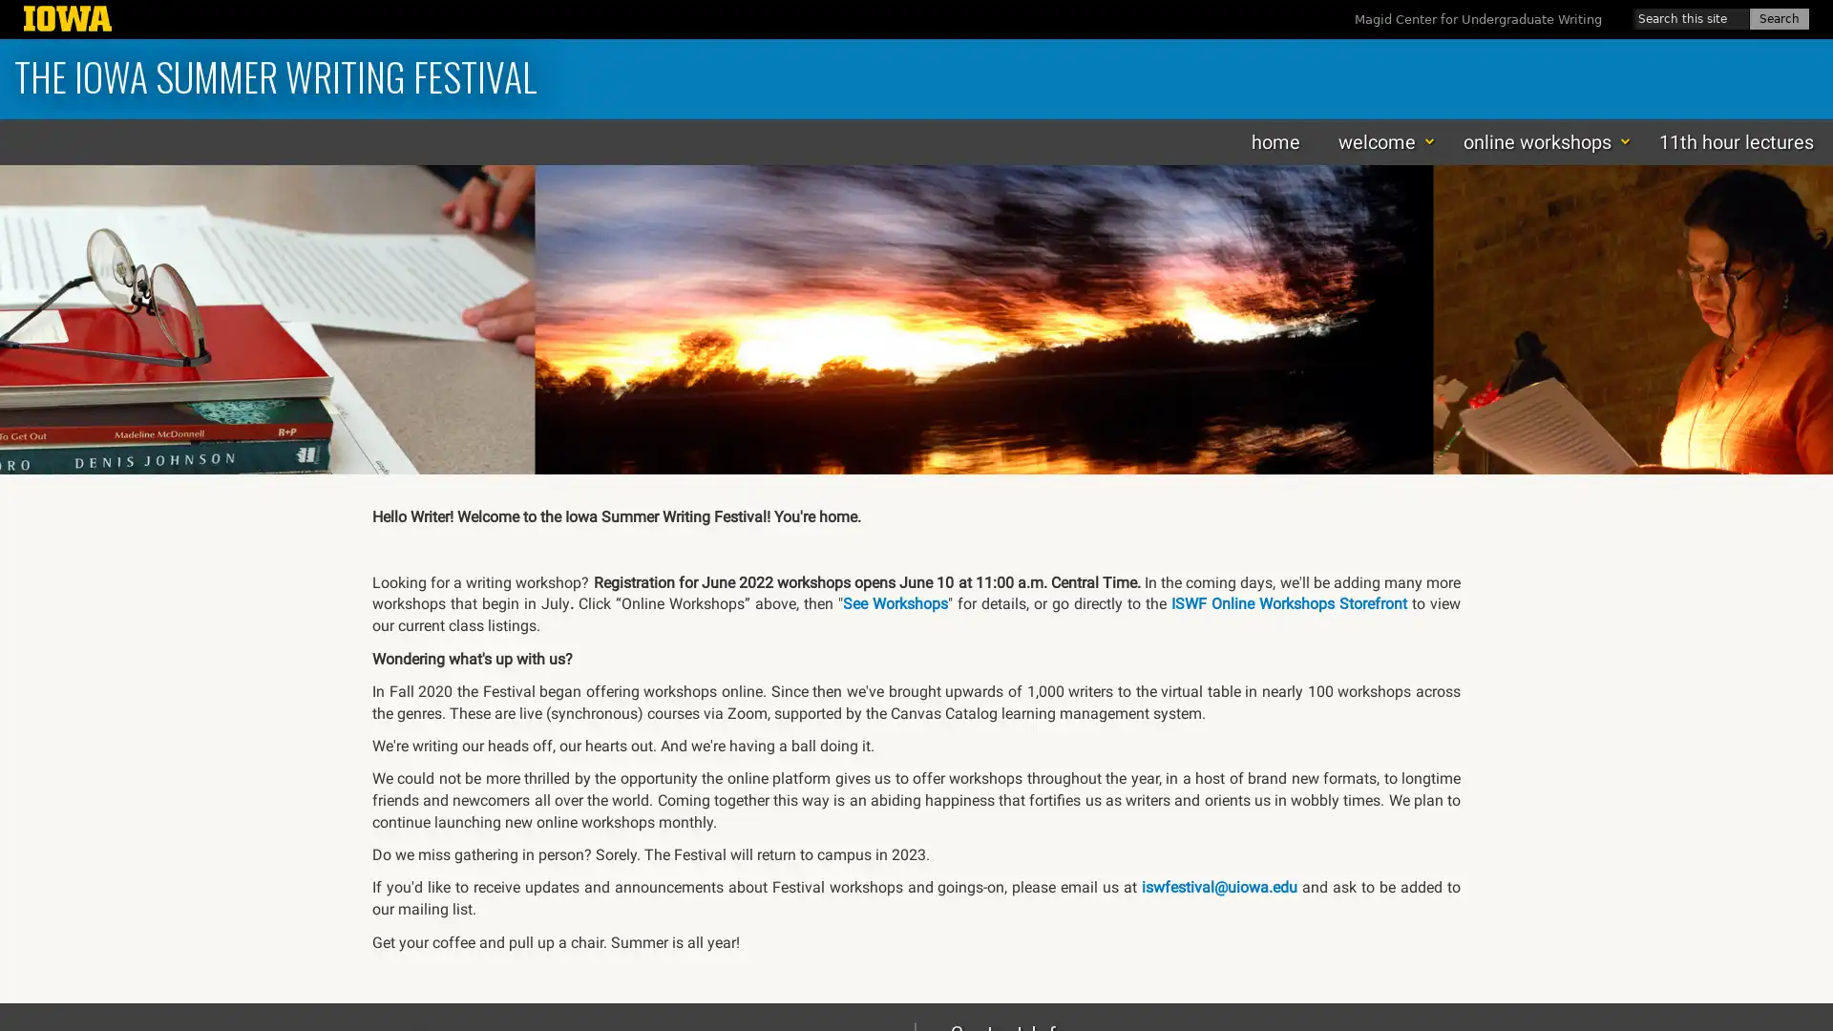 This screenshot has width=1833, height=1031. What do you see at coordinates (1778, 18) in the screenshot?
I see `Search` at bounding box center [1778, 18].